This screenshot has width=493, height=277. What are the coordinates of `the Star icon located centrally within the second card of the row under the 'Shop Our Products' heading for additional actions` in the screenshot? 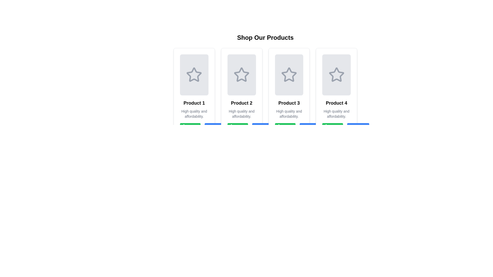 It's located at (241, 75).